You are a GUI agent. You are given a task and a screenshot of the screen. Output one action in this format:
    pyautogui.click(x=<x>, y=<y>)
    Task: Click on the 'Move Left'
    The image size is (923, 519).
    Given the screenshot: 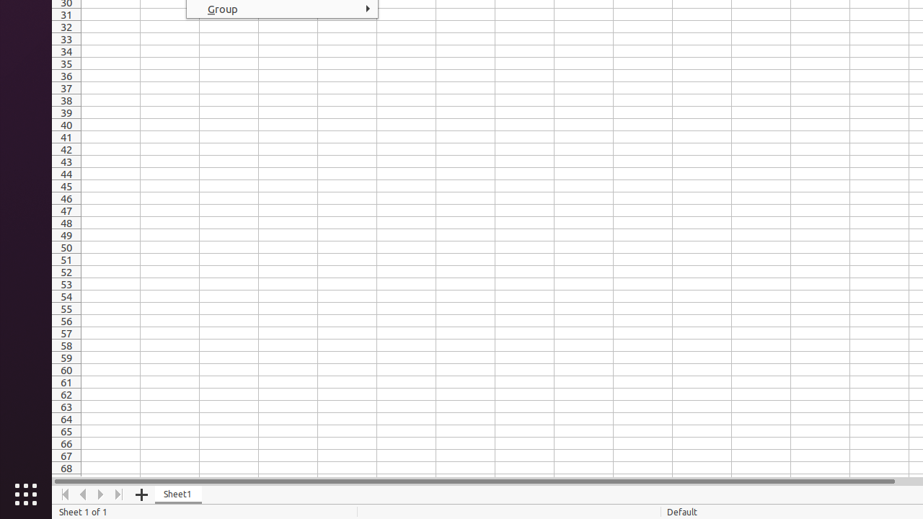 What is the action you would take?
    pyautogui.click(x=82, y=494)
    